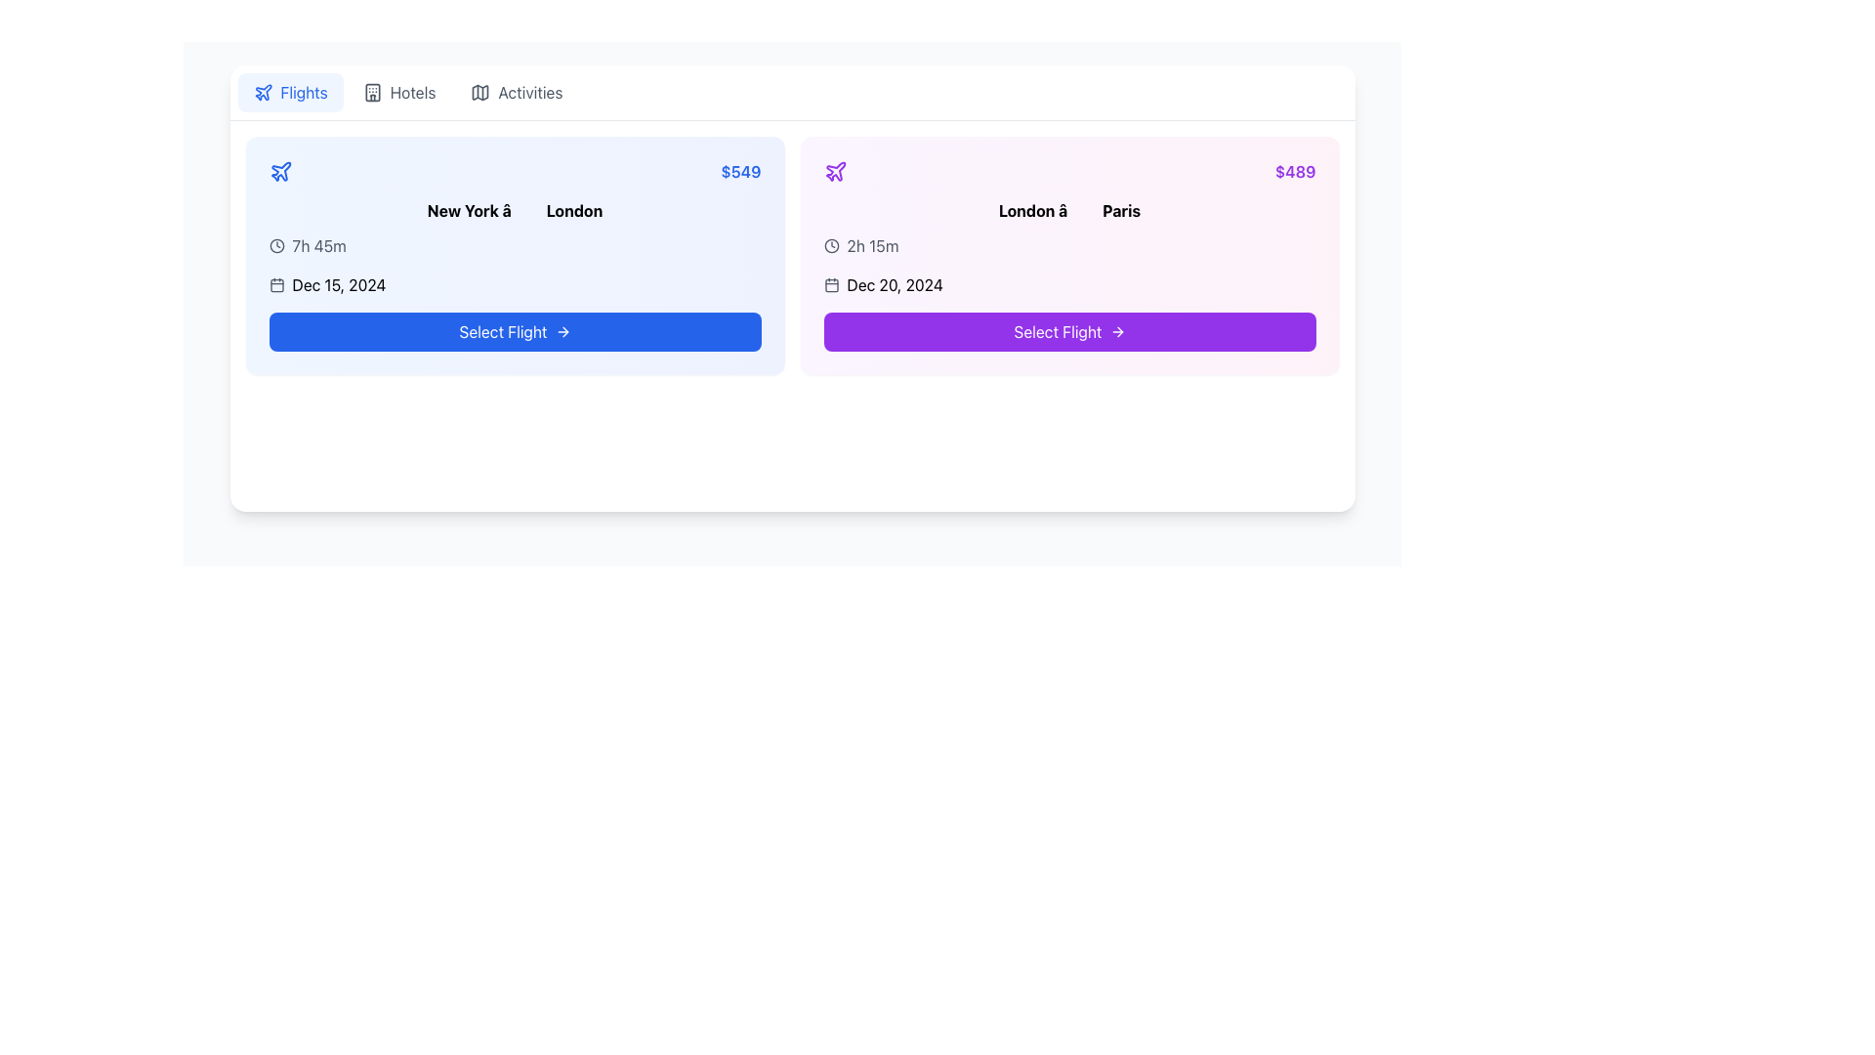 The width and height of the screenshot is (1875, 1055). I want to click on the Rectangle within the SVG calendar icon, which symbolizes the date and is positioned centrally between two vertical lines in the 'London to Paris' flight section, so click(831, 285).